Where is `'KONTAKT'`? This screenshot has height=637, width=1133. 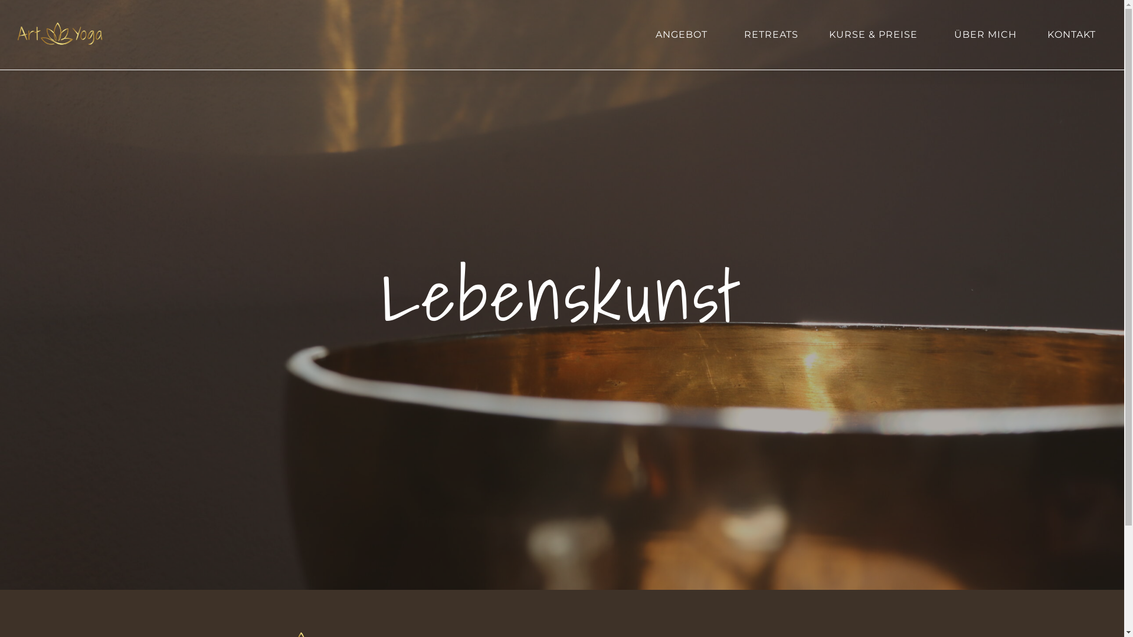 'KONTAKT' is located at coordinates (1071, 34).